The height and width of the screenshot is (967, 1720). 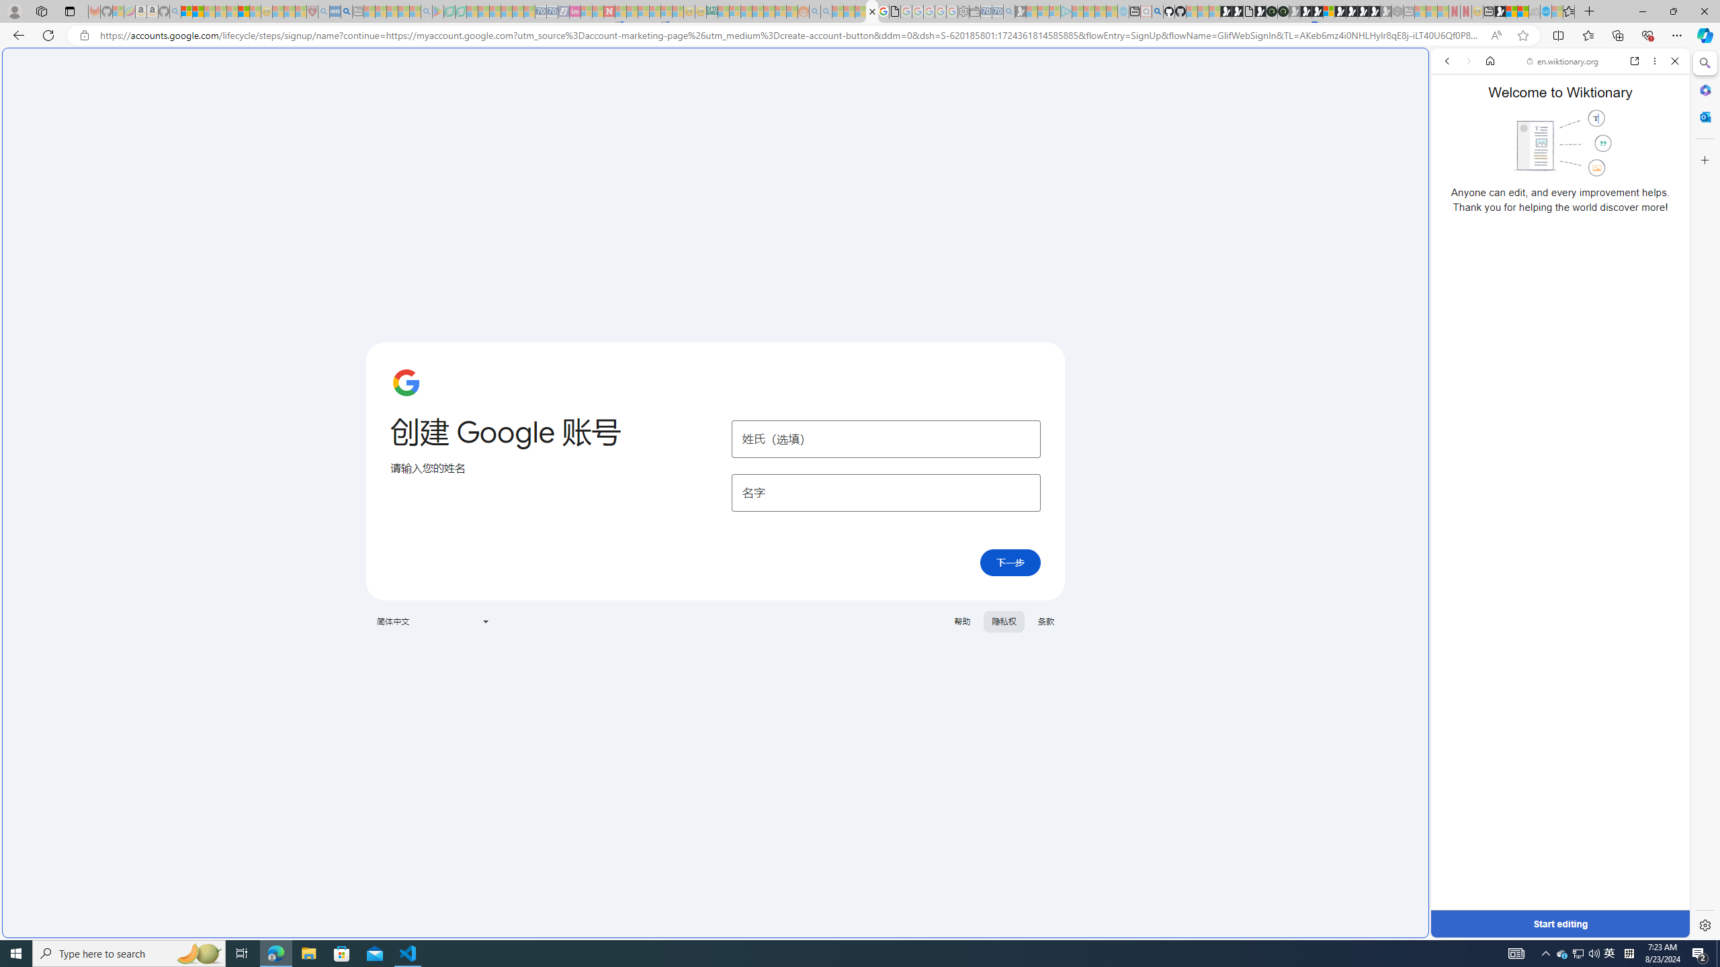 What do you see at coordinates (1563, 61) in the screenshot?
I see `'en.wiktionary.org'` at bounding box center [1563, 61].